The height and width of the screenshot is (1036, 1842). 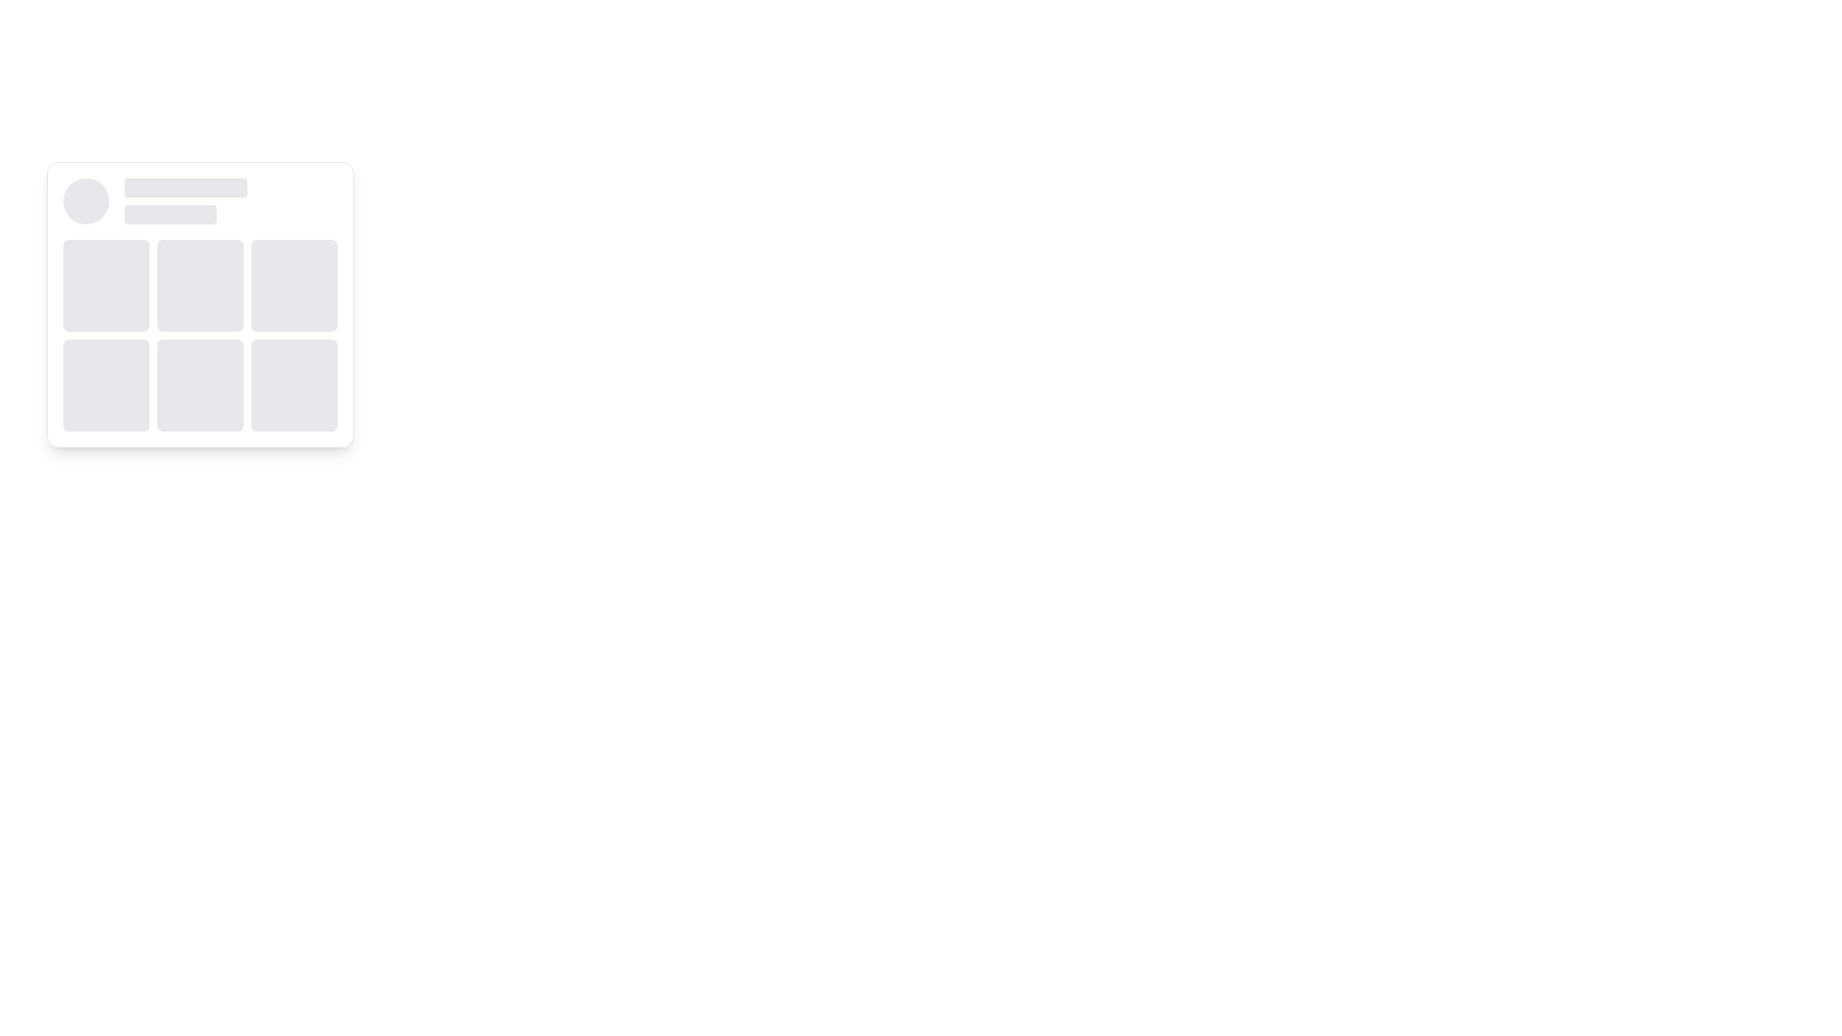 What do you see at coordinates (294, 285) in the screenshot?
I see `the Decorative placeholder component located in the top-right corner of the grid layout, which is the third element in the first row` at bounding box center [294, 285].